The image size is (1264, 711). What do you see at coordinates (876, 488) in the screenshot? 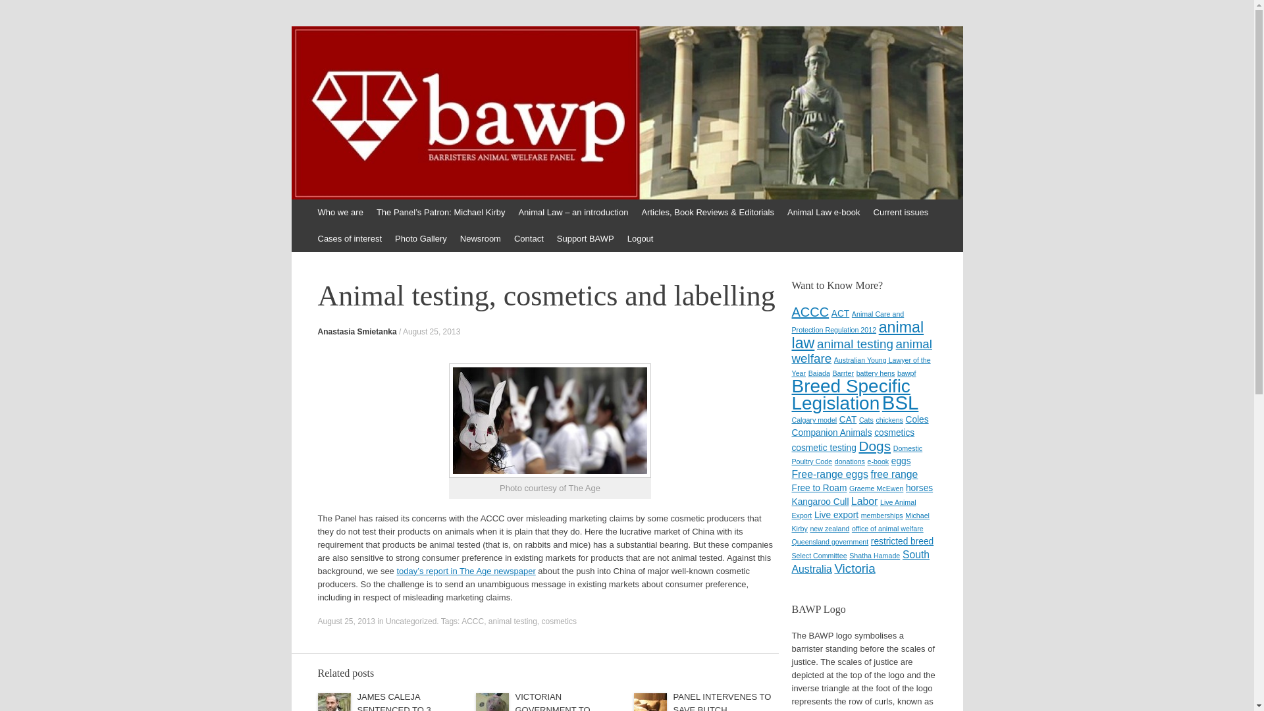
I see `'Graeme McEwen'` at bounding box center [876, 488].